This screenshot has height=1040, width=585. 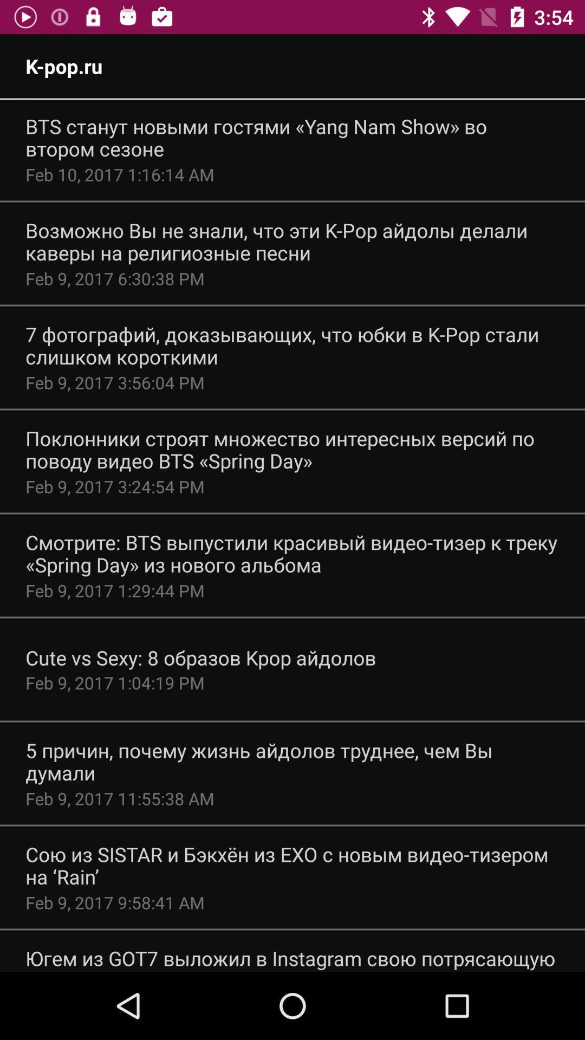 I want to click on icon above feb 9 2017 app, so click(x=200, y=657).